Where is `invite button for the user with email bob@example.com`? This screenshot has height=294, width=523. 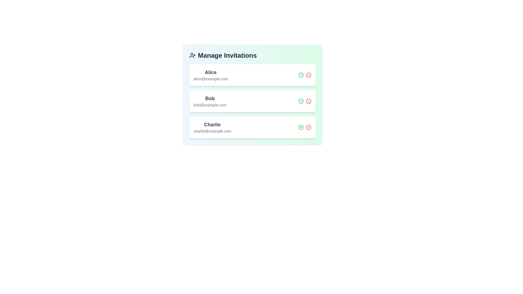 invite button for the user with email bob@example.com is located at coordinates (300, 101).